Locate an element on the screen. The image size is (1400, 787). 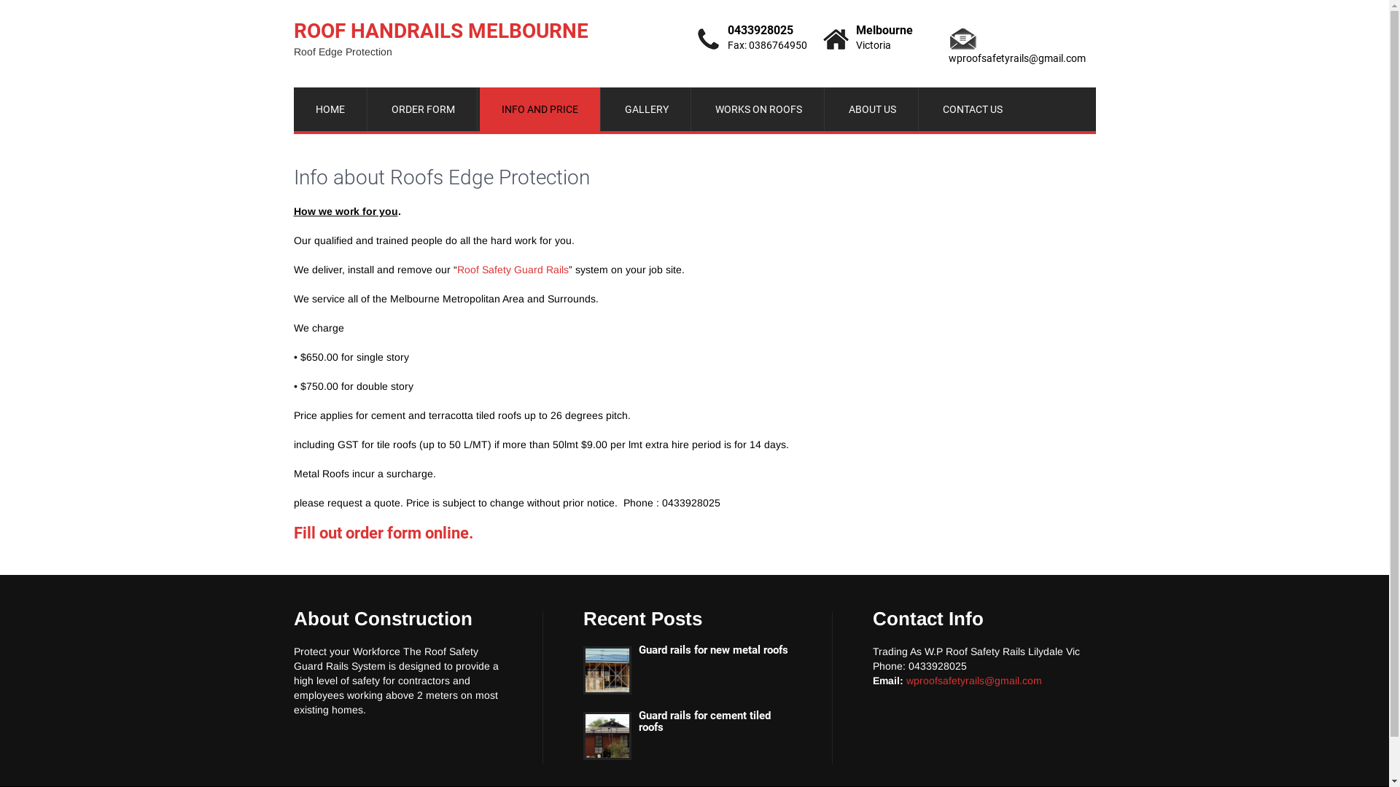
'WORKS ON ROOFS' is located at coordinates (758, 109).